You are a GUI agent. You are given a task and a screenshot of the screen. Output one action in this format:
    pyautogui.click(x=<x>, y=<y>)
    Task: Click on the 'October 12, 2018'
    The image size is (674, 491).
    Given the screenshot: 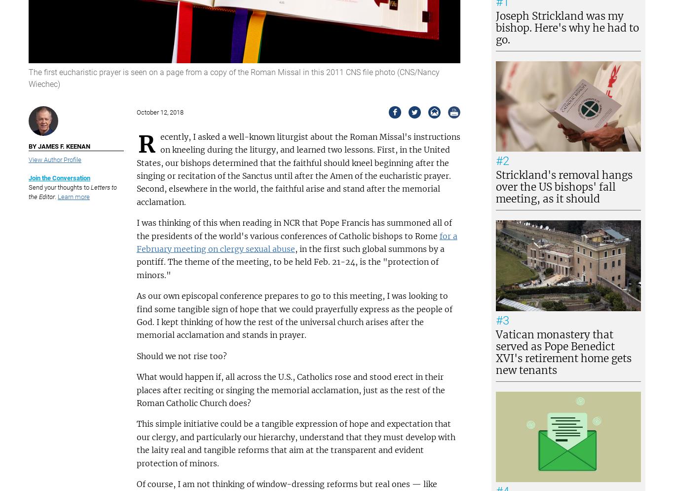 What is the action you would take?
    pyautogui.click(x=159, y=112)
    